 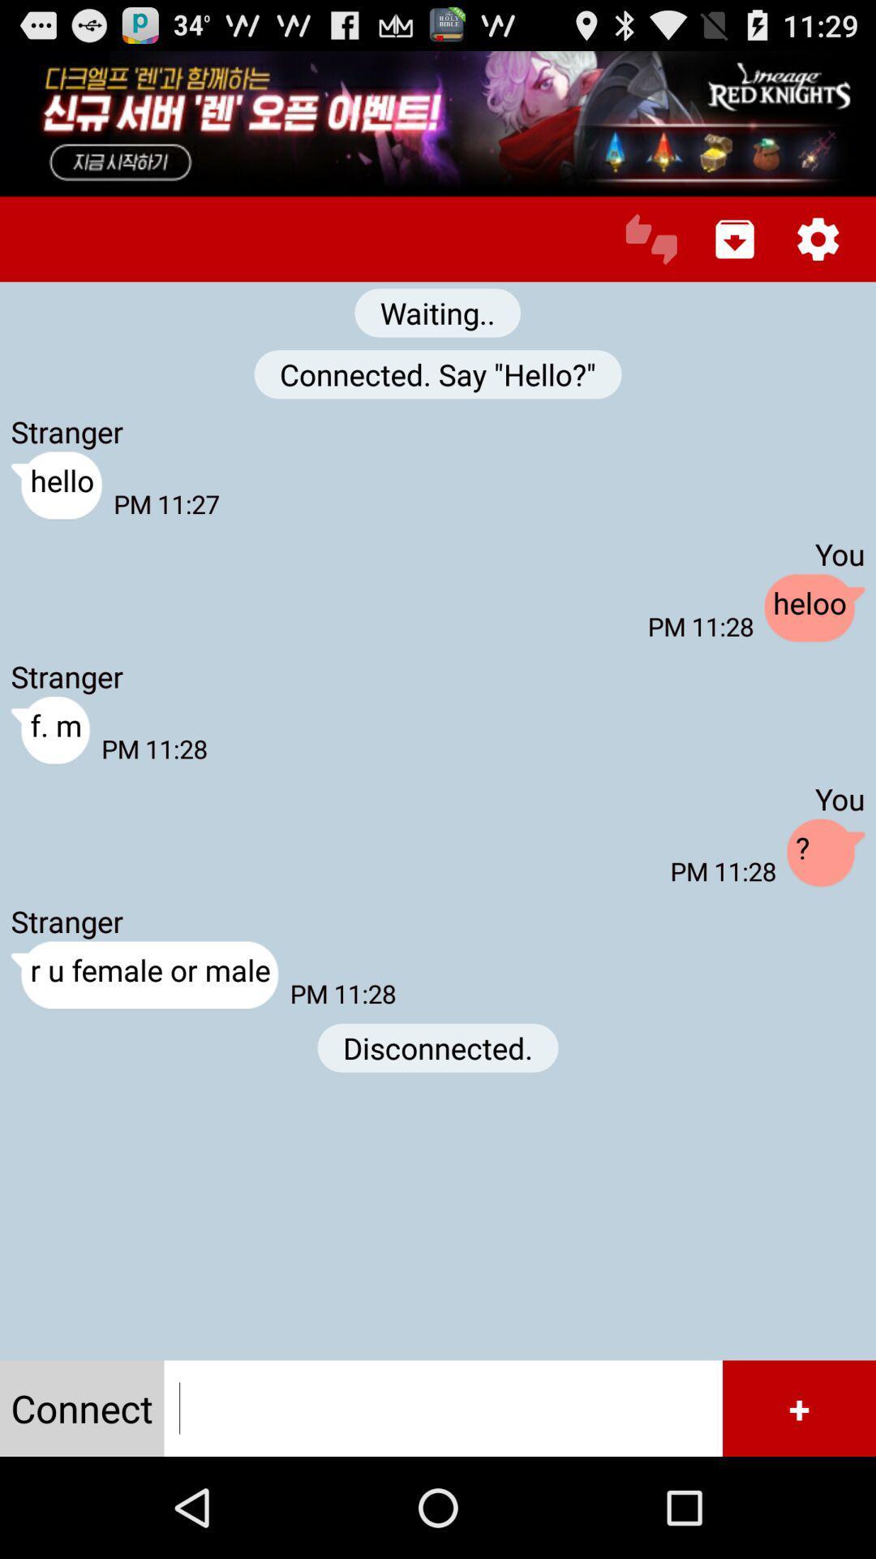 I want to click on configuration option, so click(x=818, y=238).